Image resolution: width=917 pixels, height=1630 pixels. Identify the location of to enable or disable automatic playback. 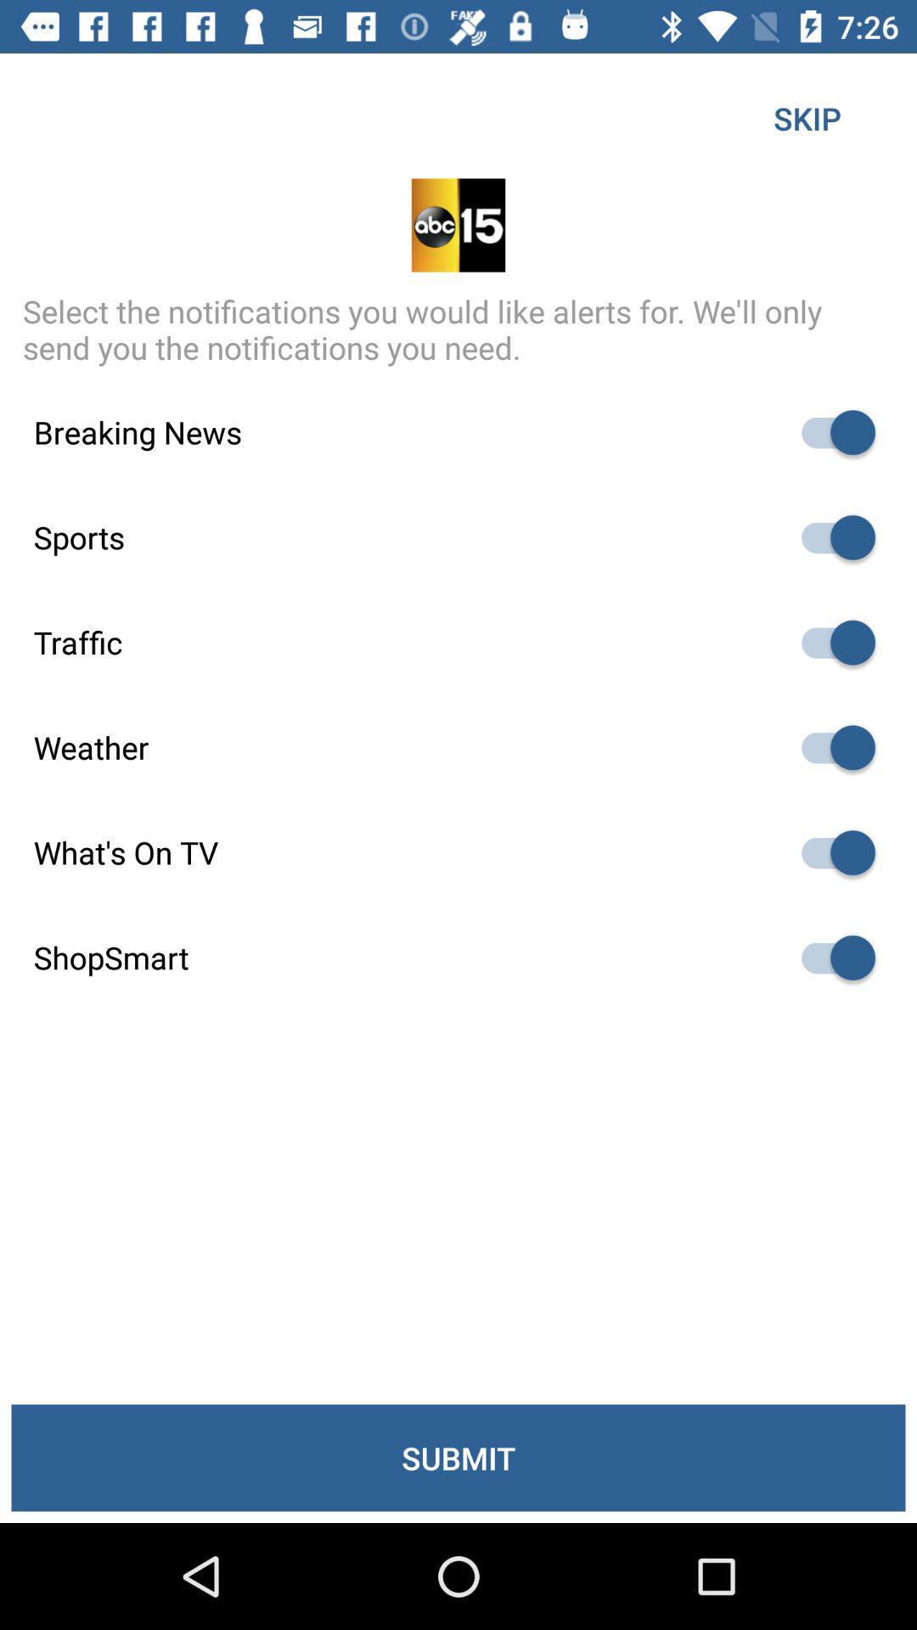
(830, 747).